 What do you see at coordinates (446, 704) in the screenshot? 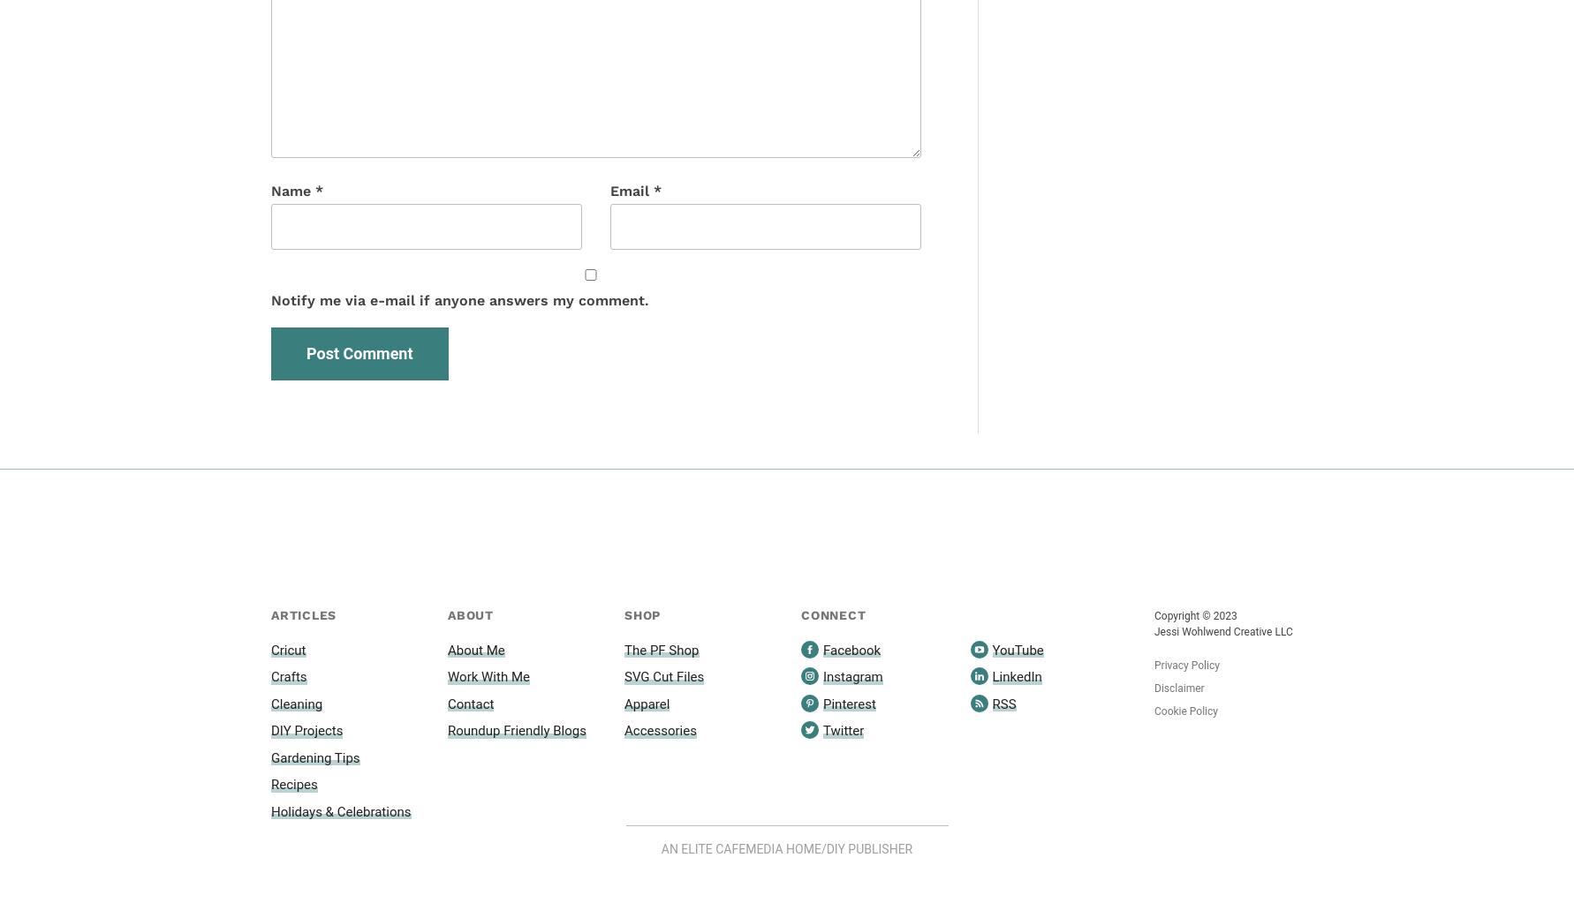
I see `'Contact'` at bounding box center [446, 704].